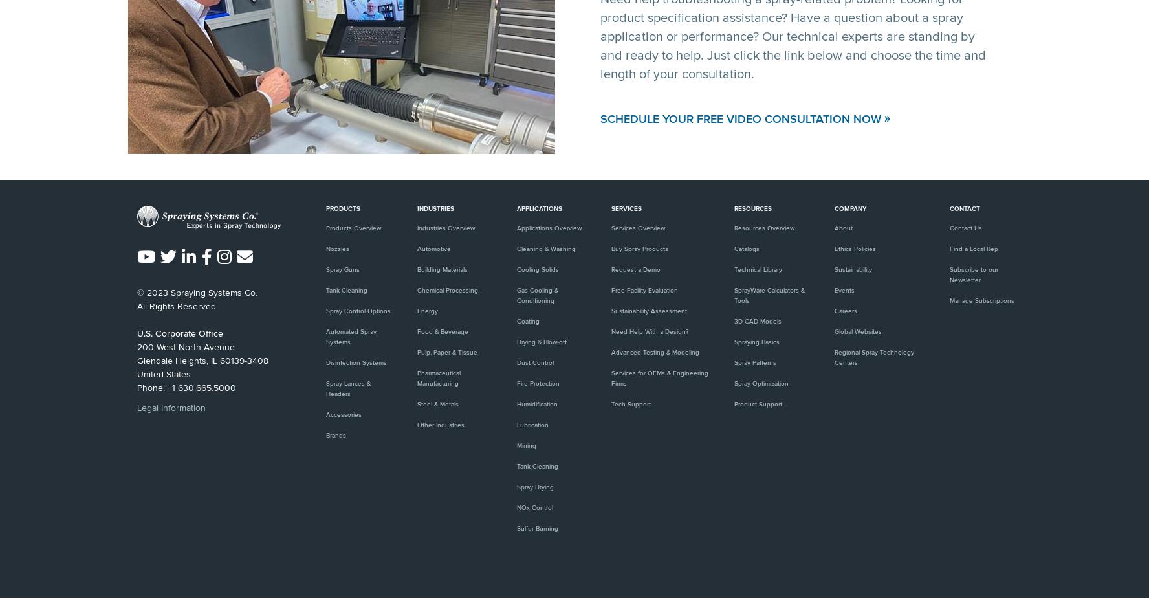 Image resolution: width=1149 pixels, height=611 pixels. I want to click on 'Food & Beverage', so click(417, 331).